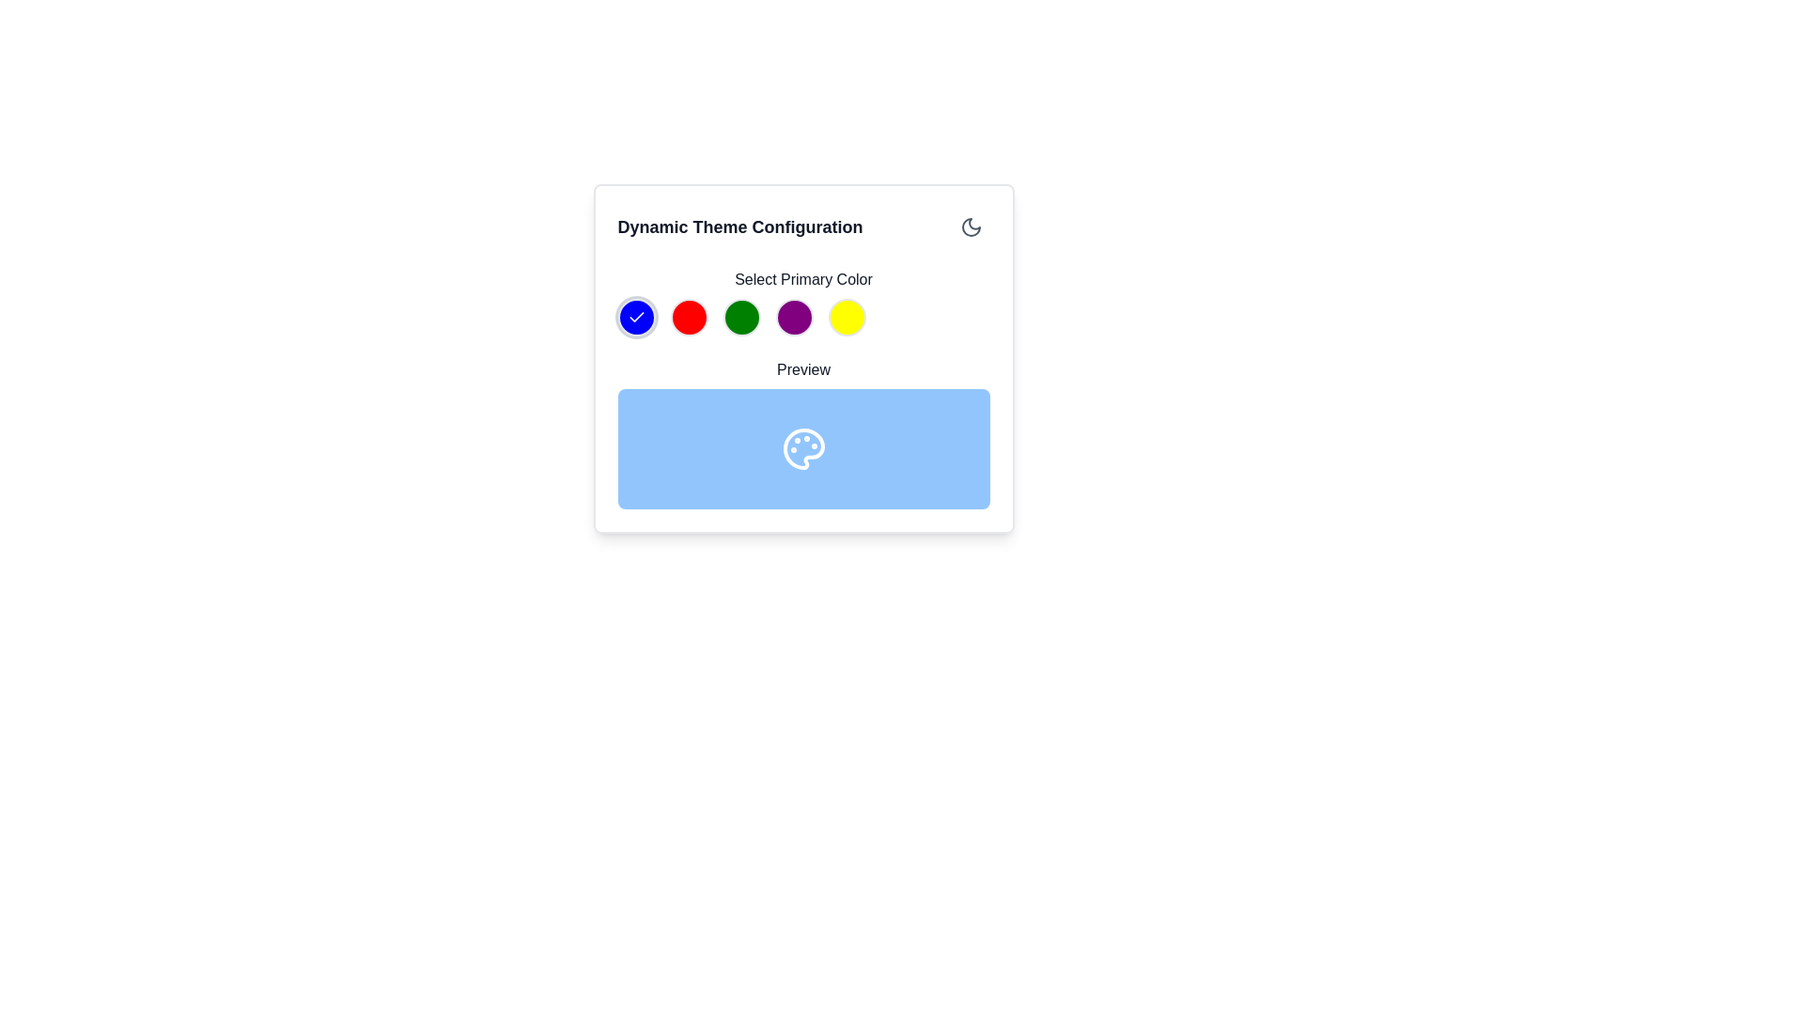  I want to click on the SVG Icon inside the first circular button of the 'Select Primary Color' options to confirm the selection of the first primary color, so click(636, 317).